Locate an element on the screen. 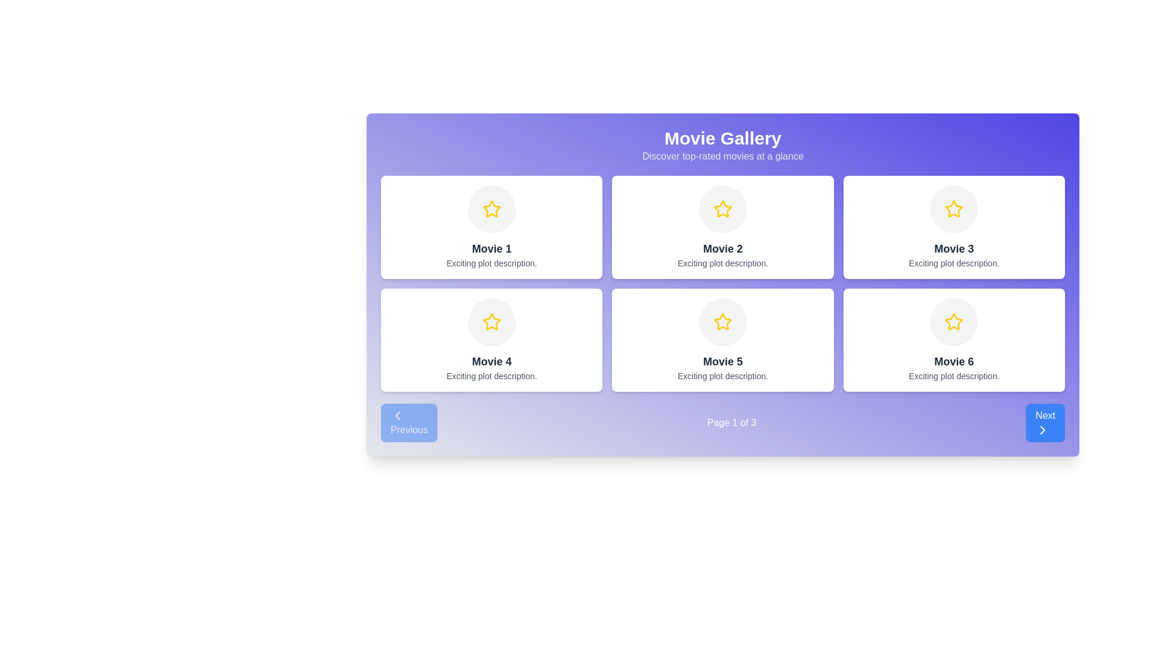 The image size is (1152, 648). the title text element for 'Movie 5', which is positioned below the circular icon area and above the smaller descriptive text in the movie details section is located at coordinates (722, 361).